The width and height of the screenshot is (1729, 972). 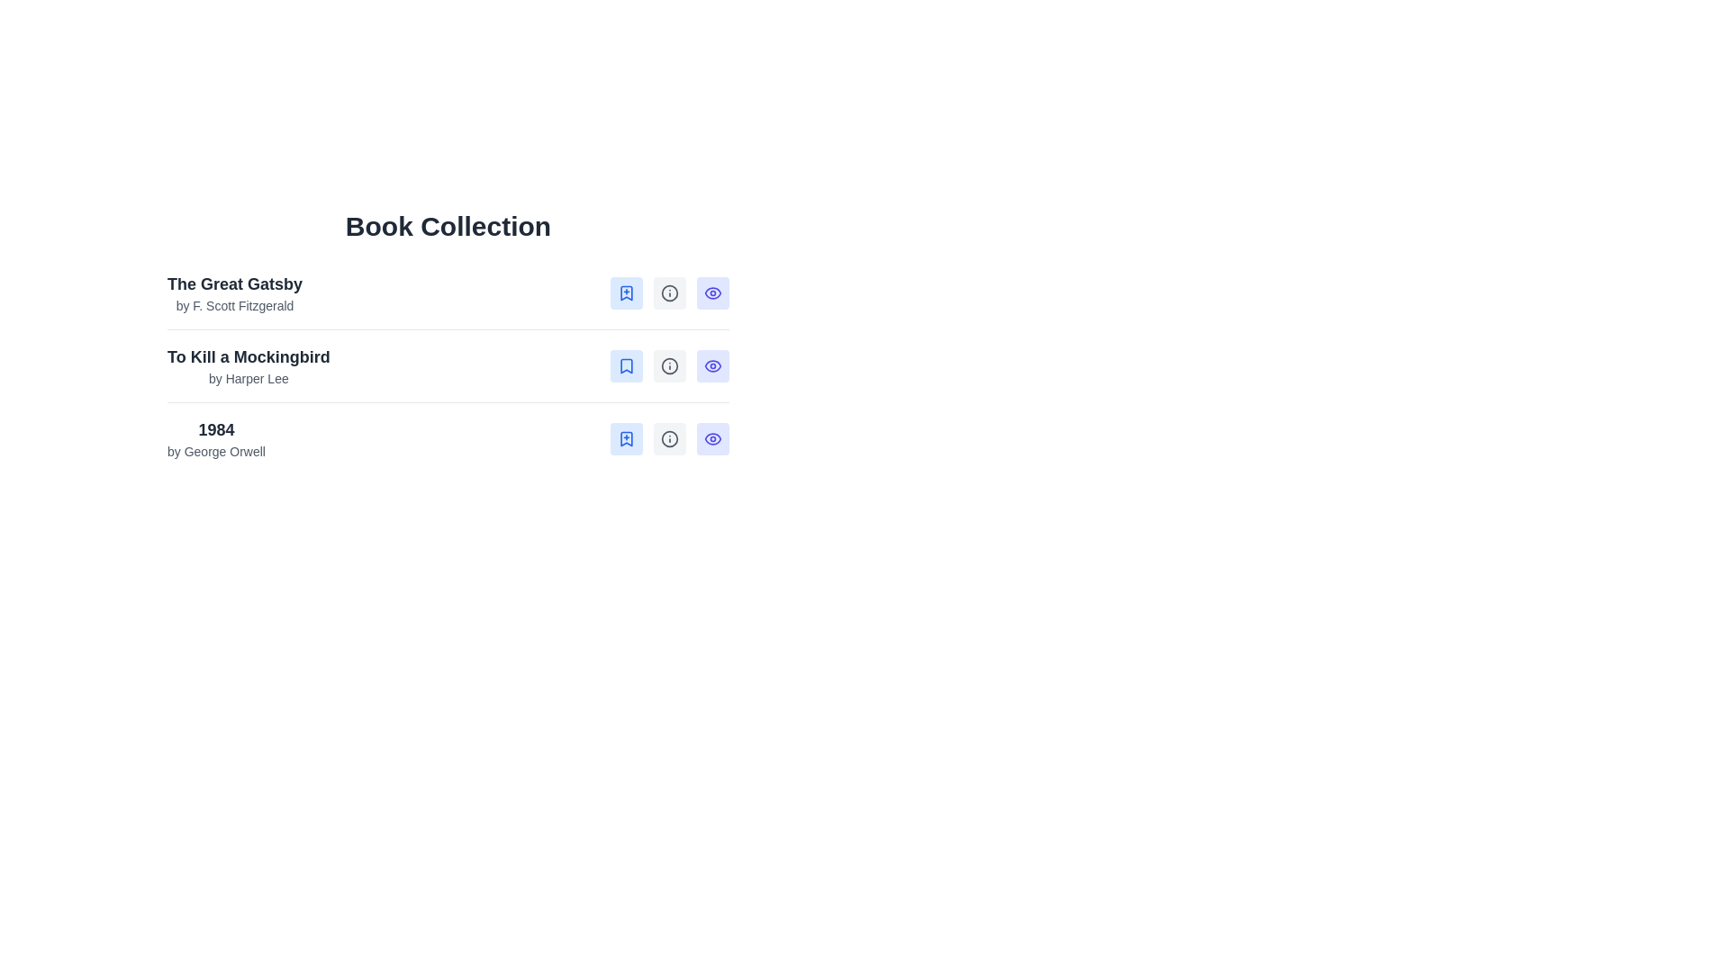 I want to click on the information display element for the second book entry in the 'Book Collection' list, which shows the title and author, located between 'The Great Gatsby' and '1984.', so click(x=448, y=343).